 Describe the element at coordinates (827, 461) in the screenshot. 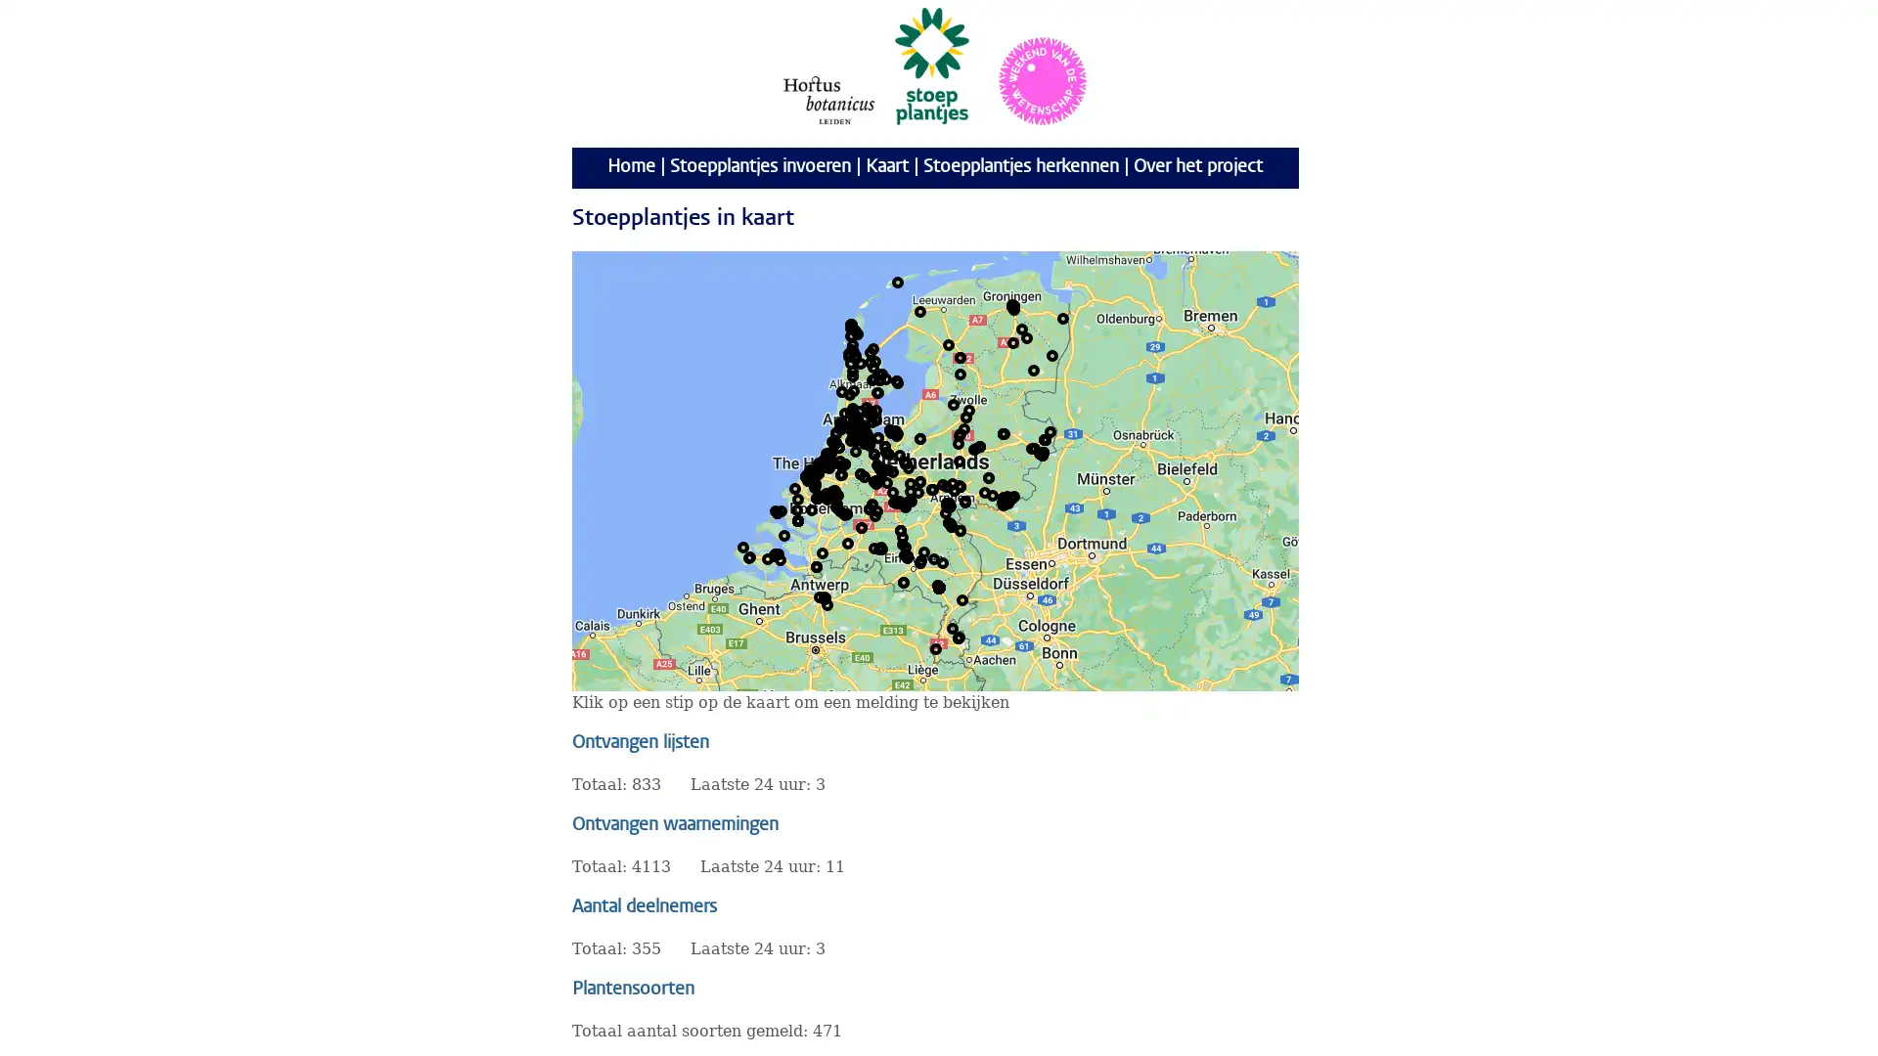

I see `Telling van Thal Jonas op 12 maart 2022` at that location.